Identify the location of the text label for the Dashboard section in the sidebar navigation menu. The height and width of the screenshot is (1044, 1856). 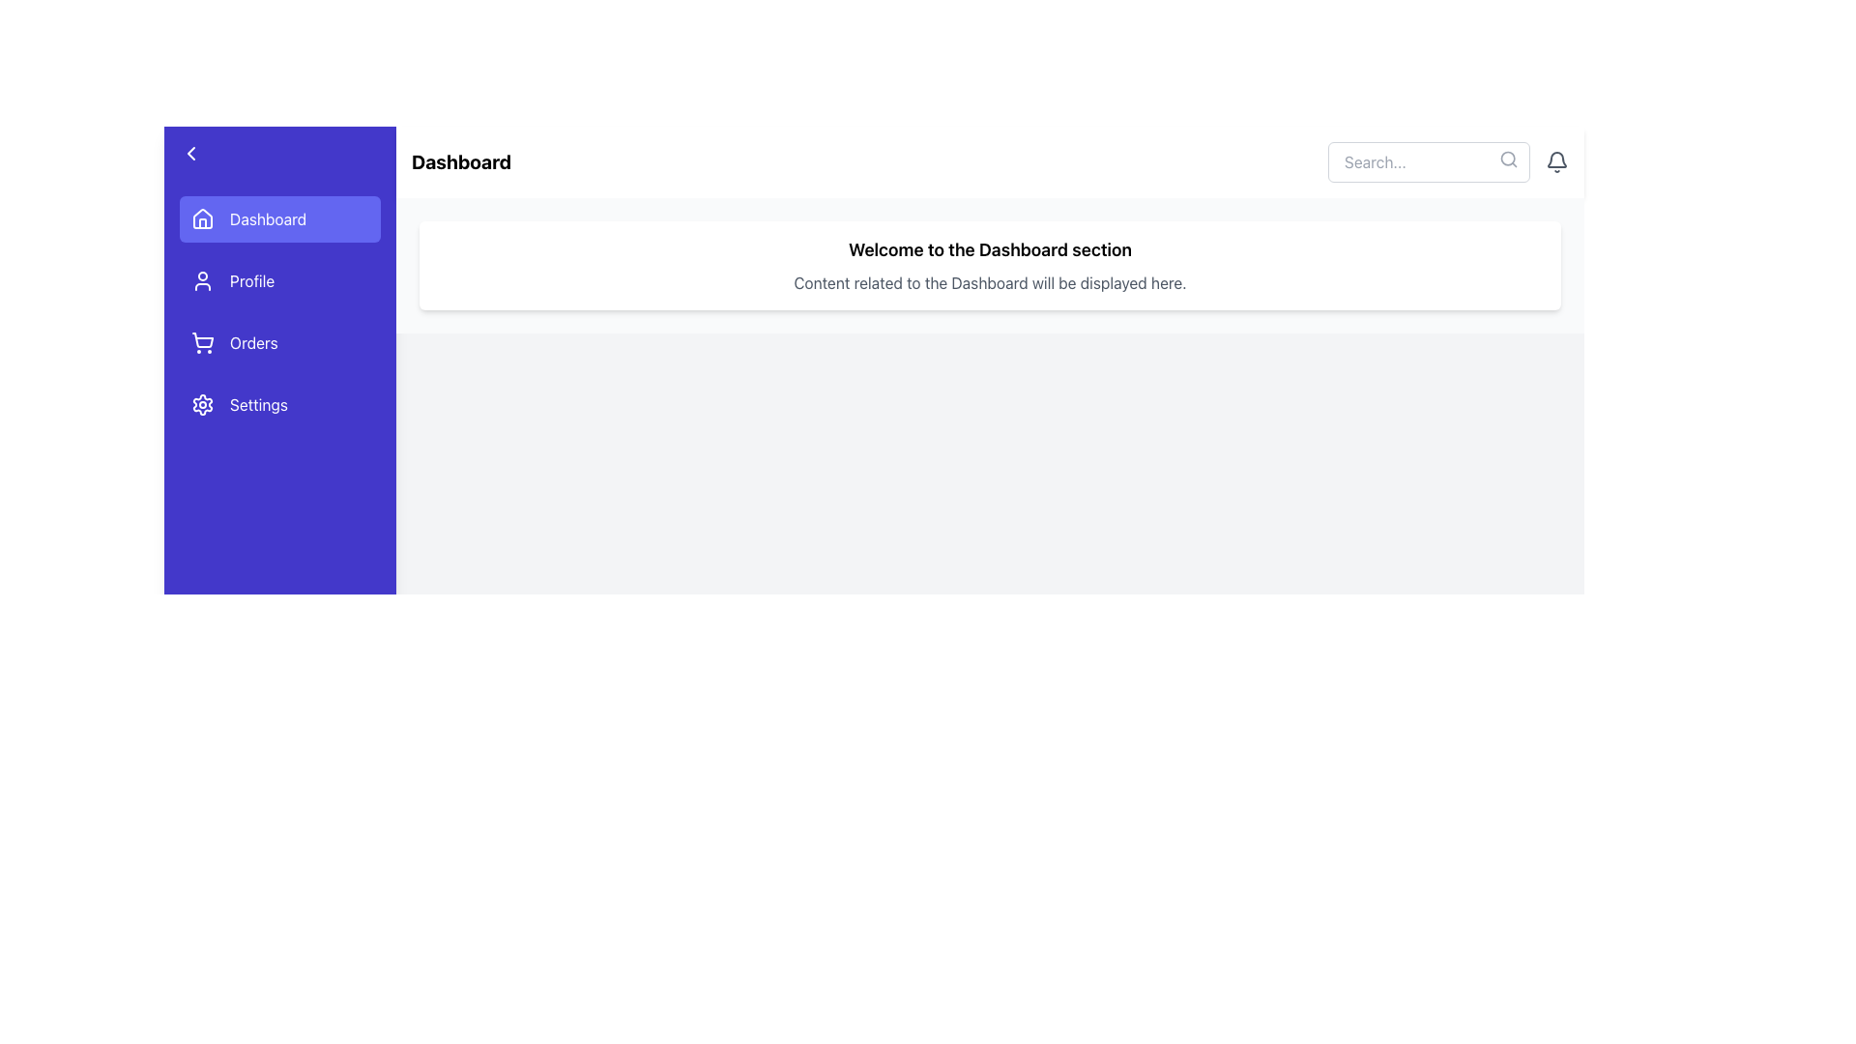
(267, 218).